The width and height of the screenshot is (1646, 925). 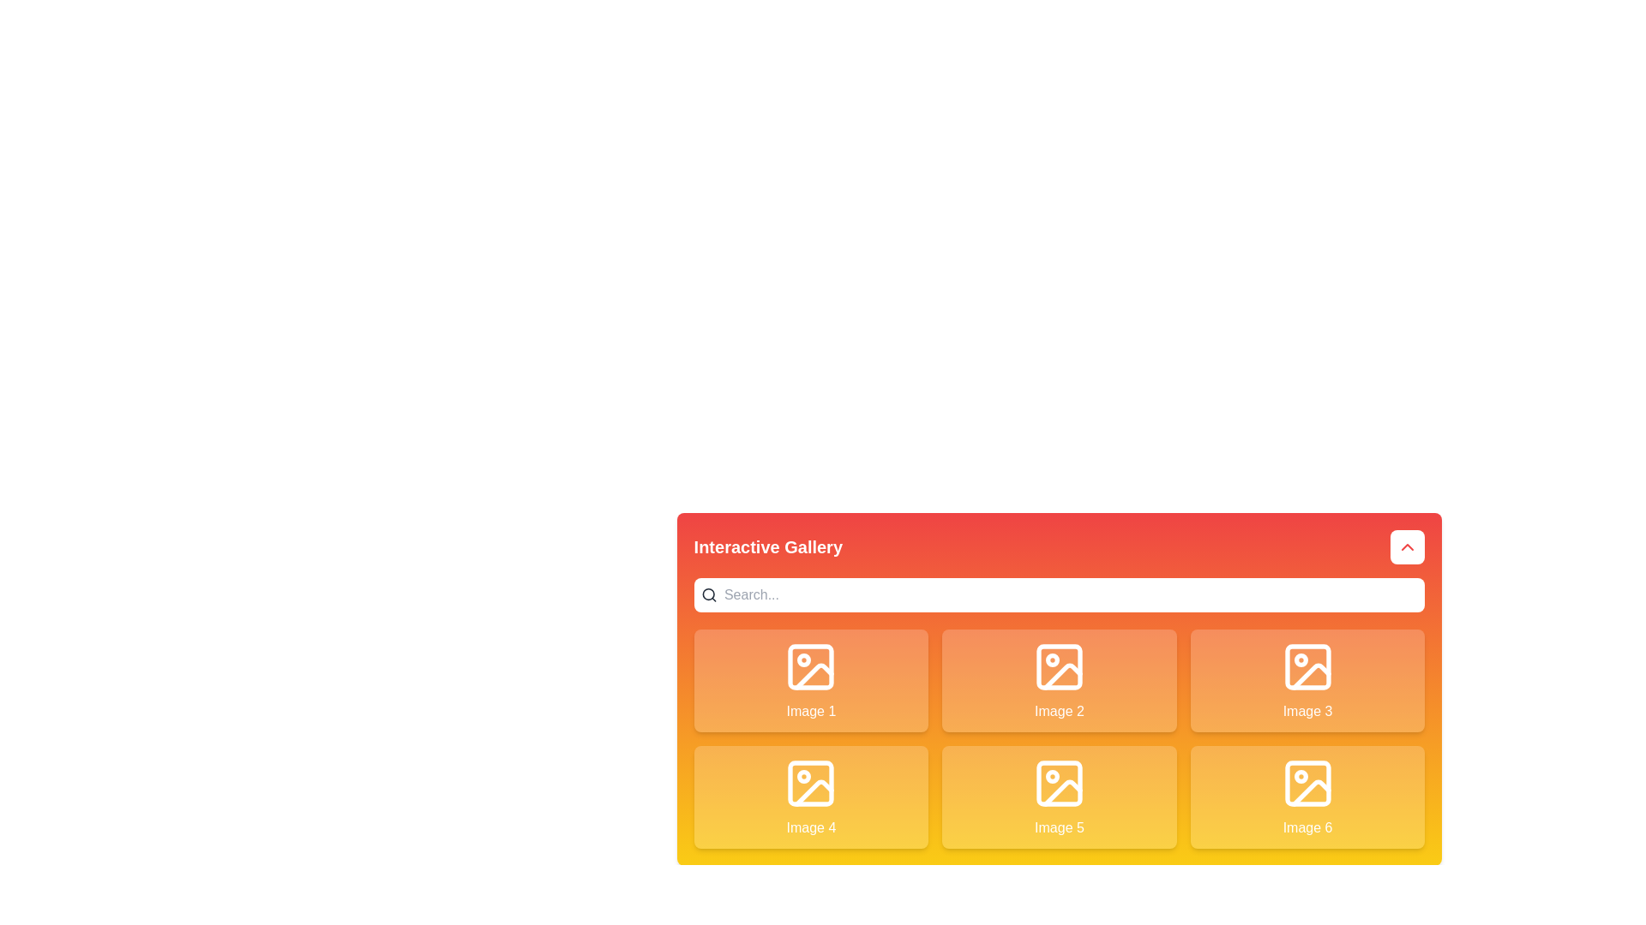 I want to click on the icon representing an image placeholder located in the second column of the first row of the gallery grid, so click(x=1058, y=666).